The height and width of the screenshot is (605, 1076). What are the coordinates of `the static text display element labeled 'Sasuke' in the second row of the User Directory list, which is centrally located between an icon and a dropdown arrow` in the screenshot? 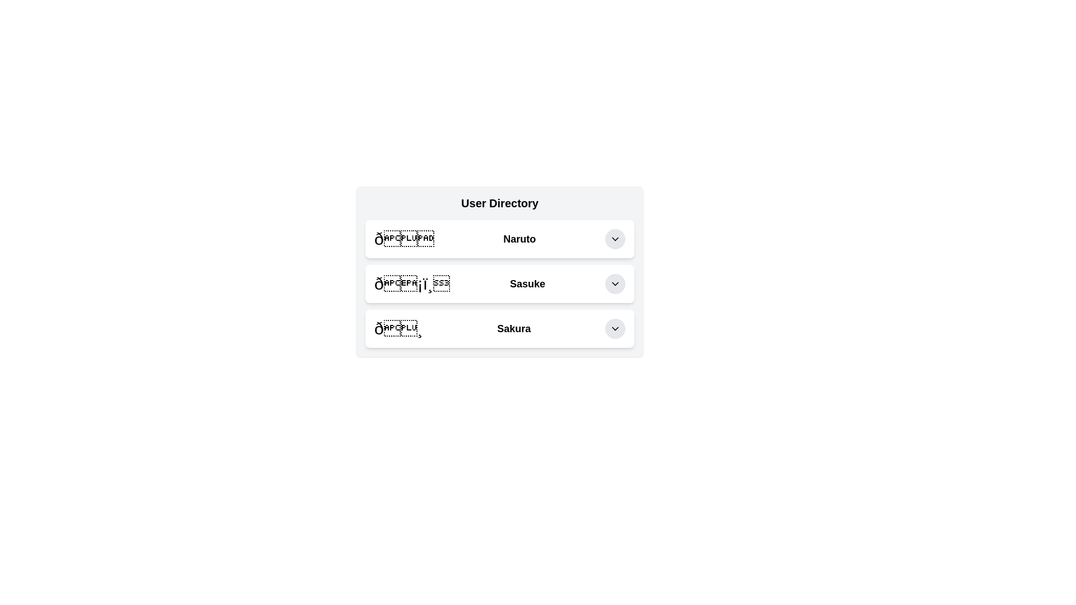 It's located at (527, 283).